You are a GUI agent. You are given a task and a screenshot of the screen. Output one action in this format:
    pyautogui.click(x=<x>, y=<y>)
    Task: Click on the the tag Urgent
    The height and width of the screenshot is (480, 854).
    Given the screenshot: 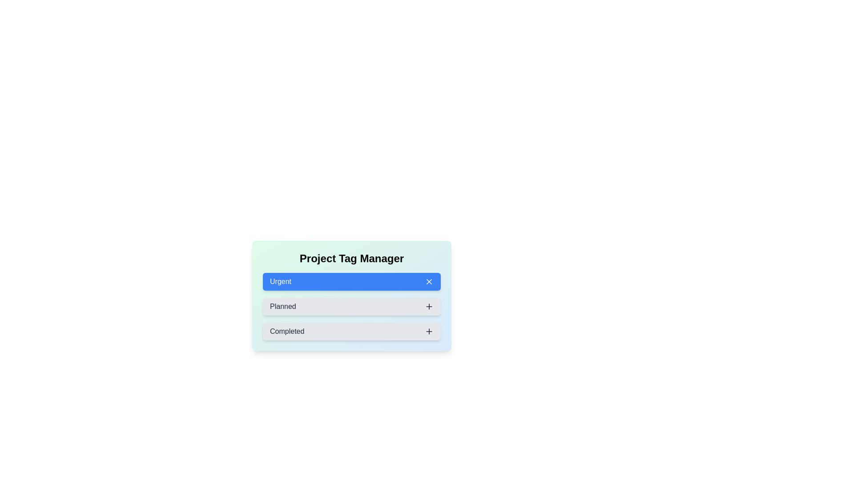 What is the action you would take?
    pyautogui.click(x=351, y=281)
    